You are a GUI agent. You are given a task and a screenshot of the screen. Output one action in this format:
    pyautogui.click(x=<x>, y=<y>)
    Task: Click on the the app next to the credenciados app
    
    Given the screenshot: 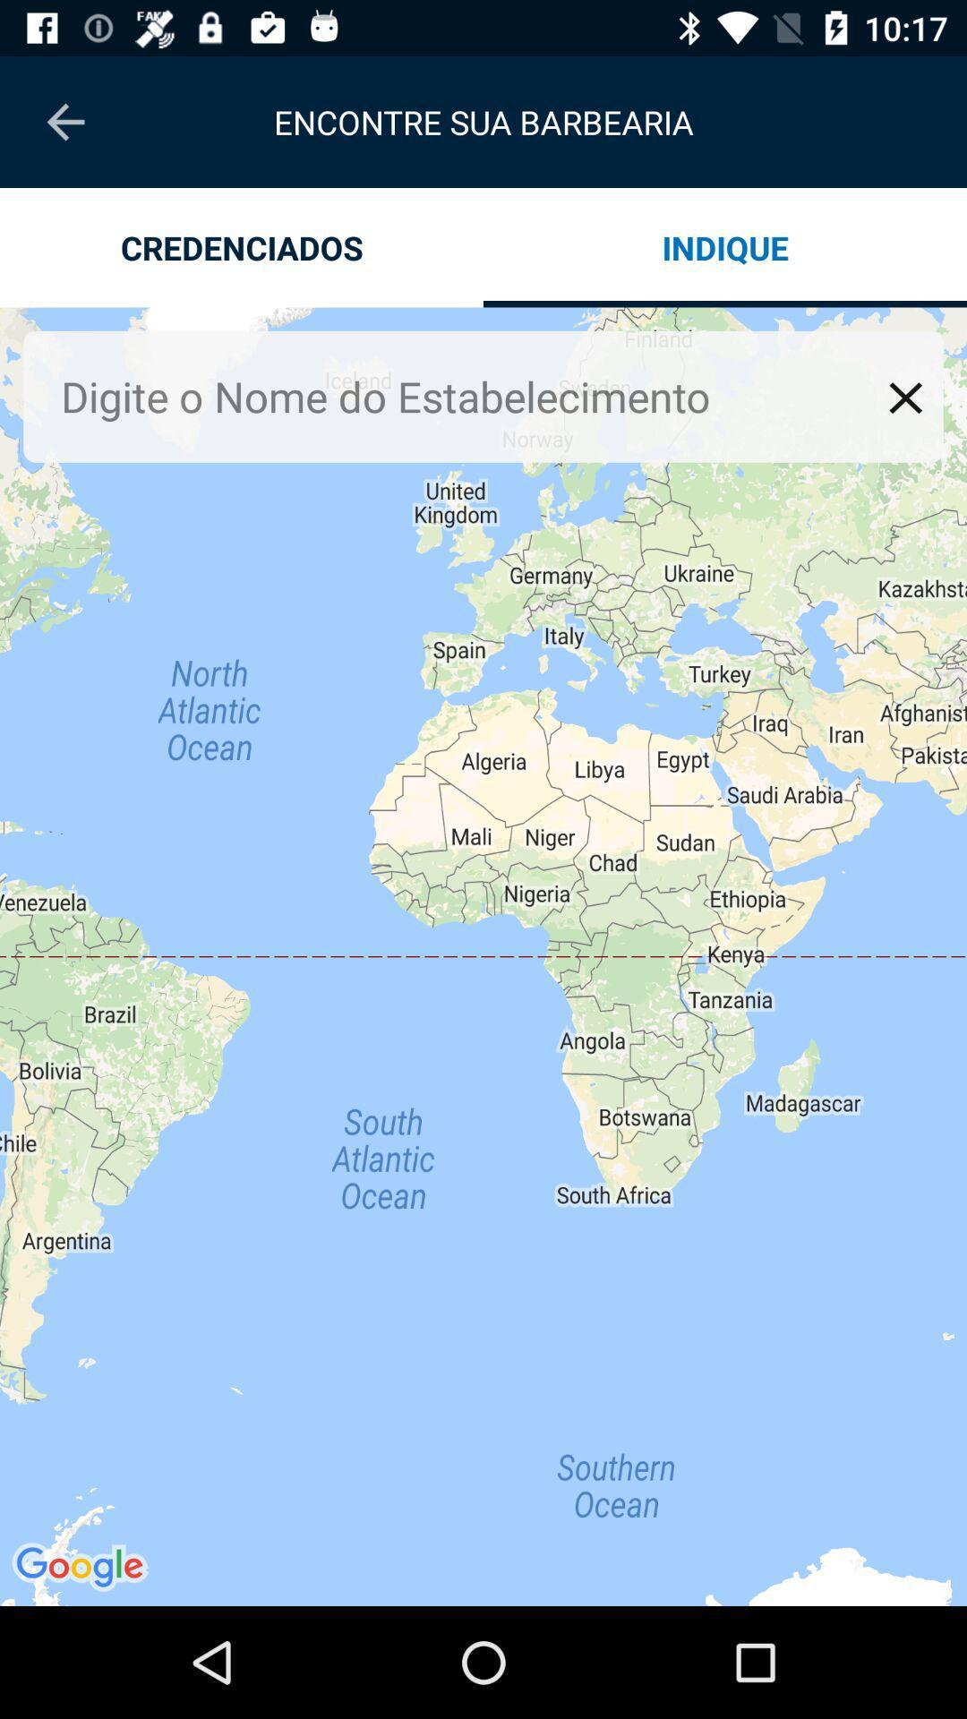 What is the action you would take?
    pyautogui.click(x=725, y=246)
    